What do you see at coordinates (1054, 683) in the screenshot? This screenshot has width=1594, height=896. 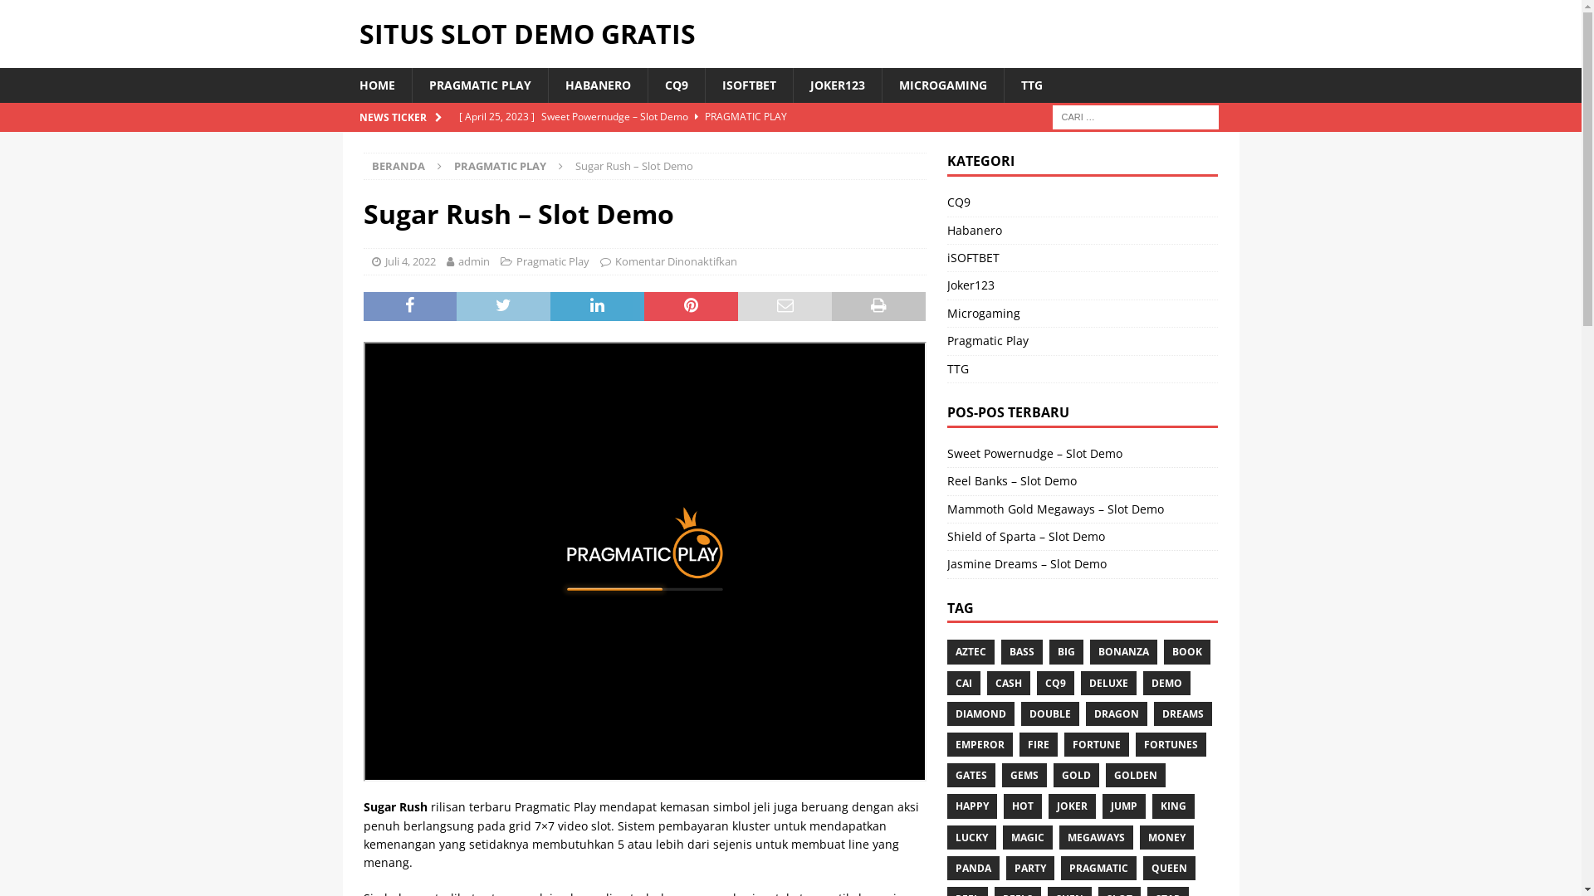 I see `'CQ9'` at bounding box center [1054, 683].